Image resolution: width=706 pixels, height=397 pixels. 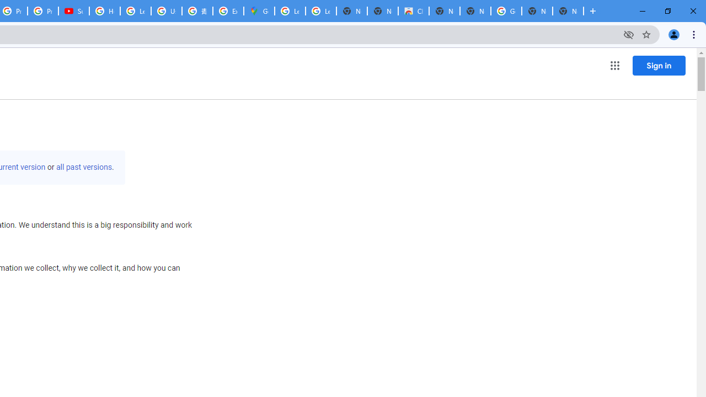 What do you see at coordinates (105, 11) in the screenshot?
I see `'How Chrome protects your passwords - Google Chrome Help'` at bounding box center [105, 11].